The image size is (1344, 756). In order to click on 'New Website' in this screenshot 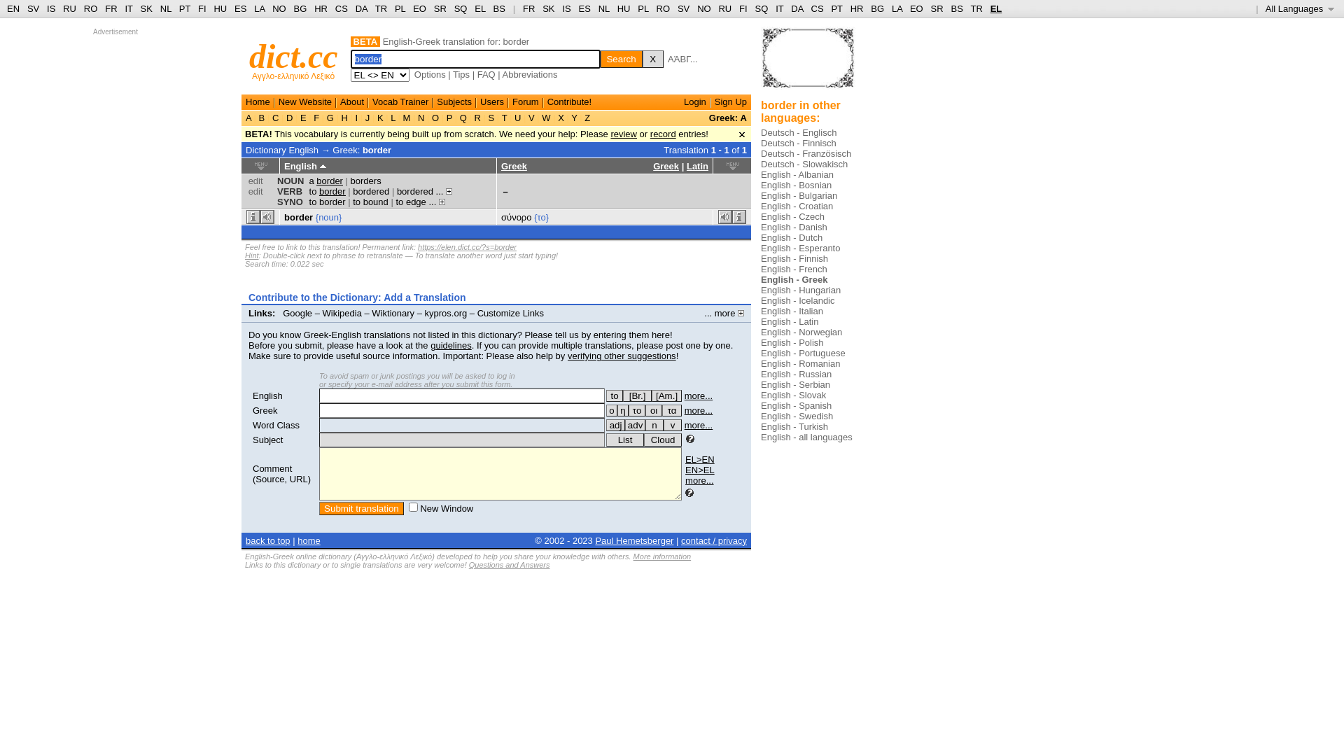, I will do `click(304, 101)`.